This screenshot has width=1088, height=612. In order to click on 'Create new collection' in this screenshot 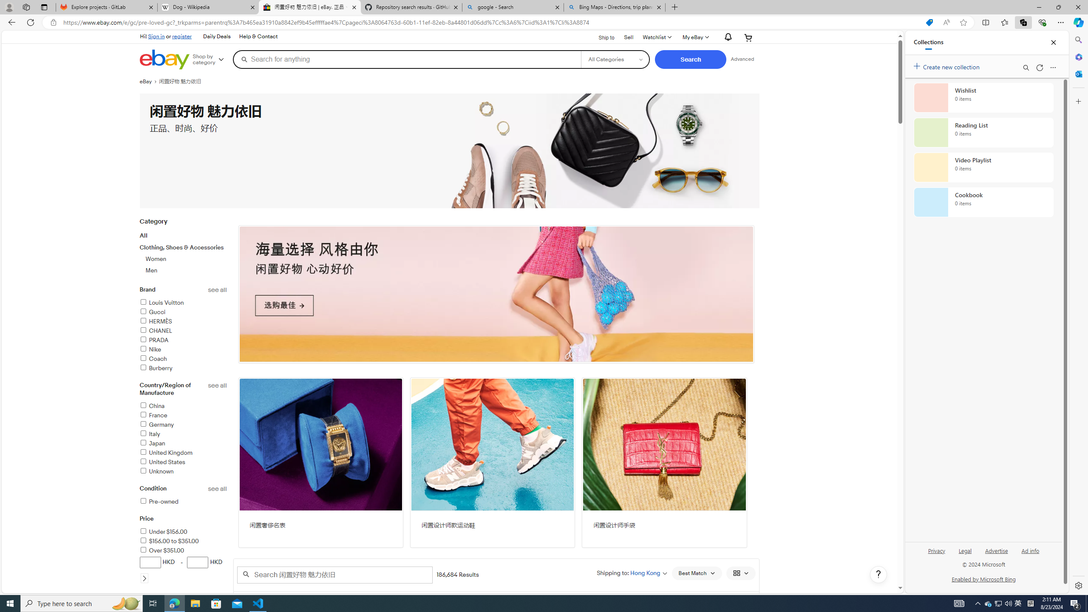, I will do `click(948, 65)`.